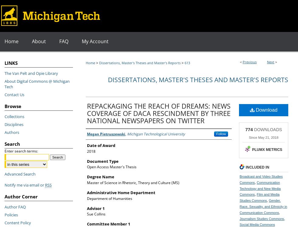 This screenshot has height=227, width=298. What do you see at coordinates (257, 167) in the screenshot?
I see `'Included in'` at bounding box center [257, 167].